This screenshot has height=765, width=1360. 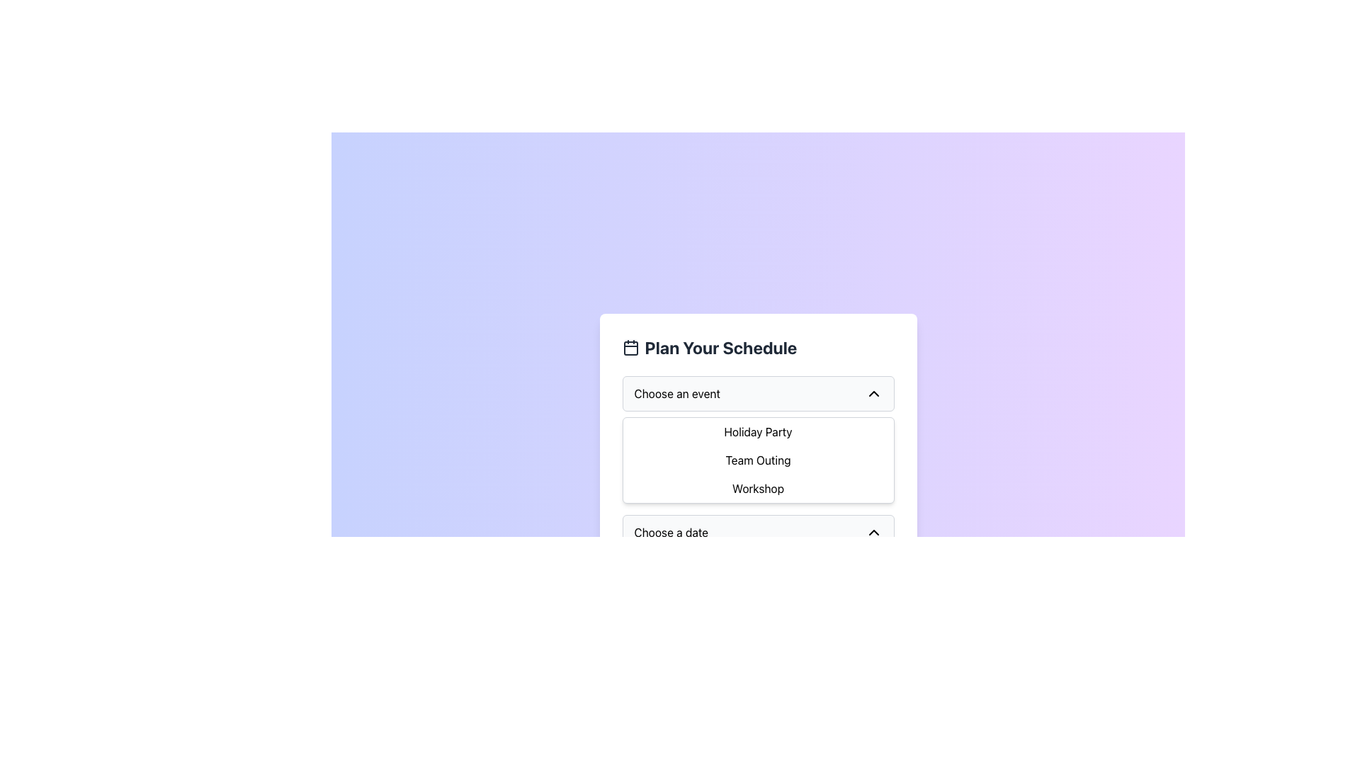 What do you see at coordinates (630, 348) in the screenshot?
I see `the decorative inner section of the calendar icon located to the left of the heading 'Plan Your Schedule' at the top of the user interface` at bounding box center [630, 348].